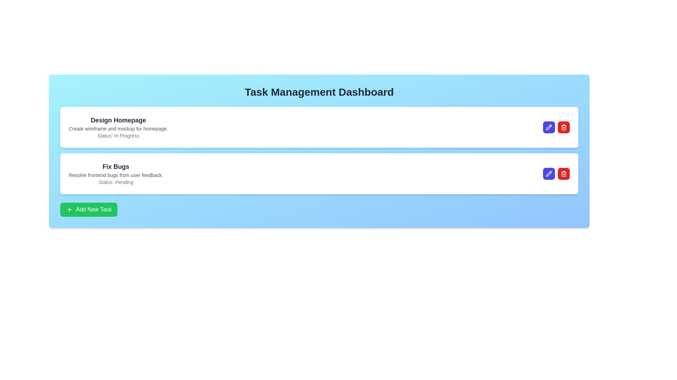 This screenshot has height=380, width=677. What do you see at coordinates (563, 173) in the screenshot?
I see `the small trash can icon button with a red background located at the far right of the 'Fix Bugs' task card` at bounding box center [563, 173].